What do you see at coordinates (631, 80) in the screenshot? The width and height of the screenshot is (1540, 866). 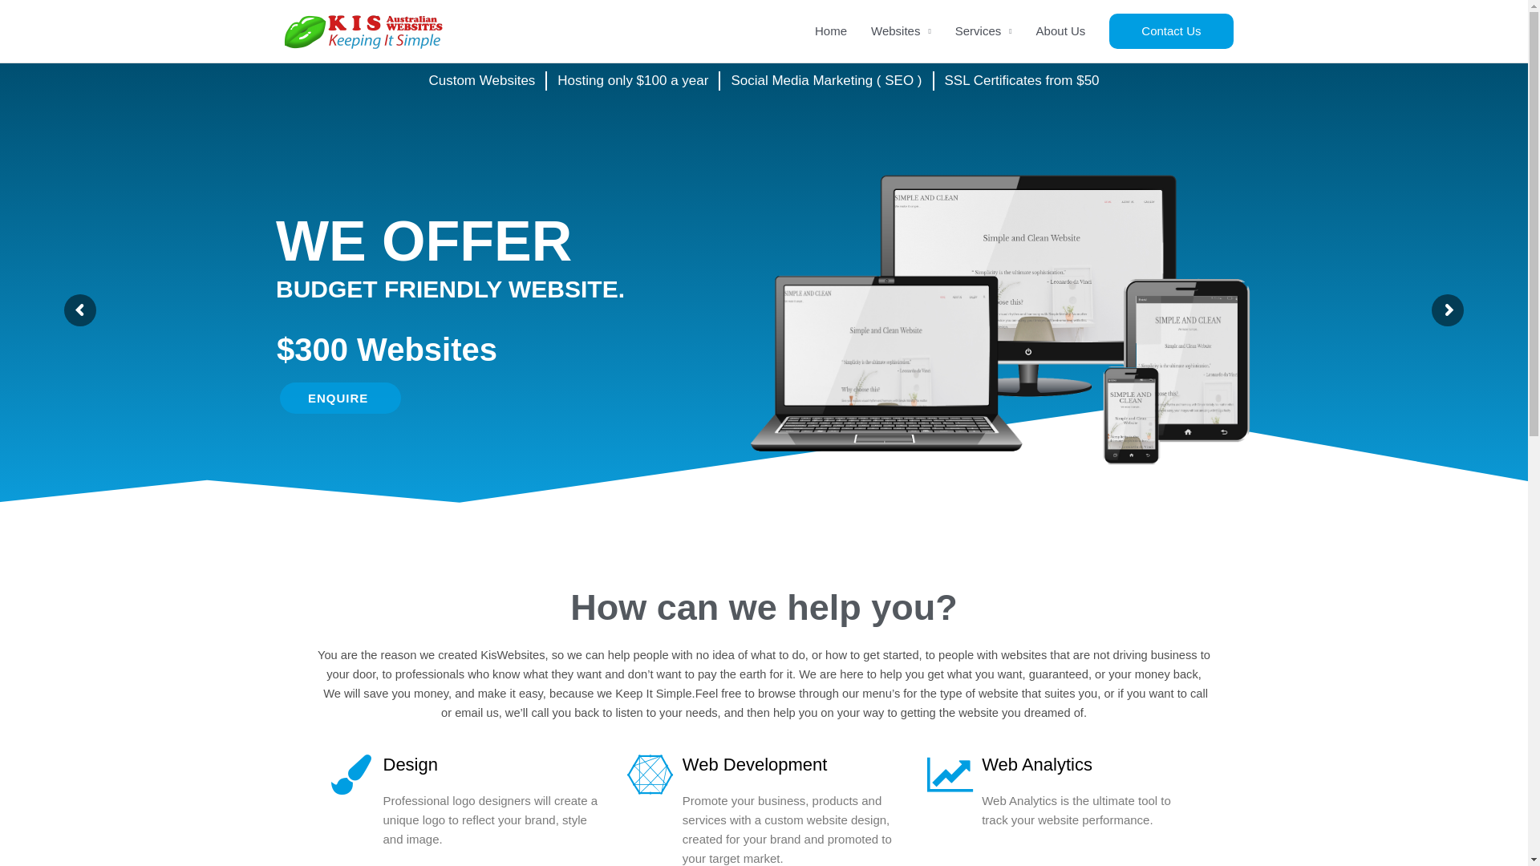 I see `'Hosting only $100 a year'` at bounding box center [631, 80].